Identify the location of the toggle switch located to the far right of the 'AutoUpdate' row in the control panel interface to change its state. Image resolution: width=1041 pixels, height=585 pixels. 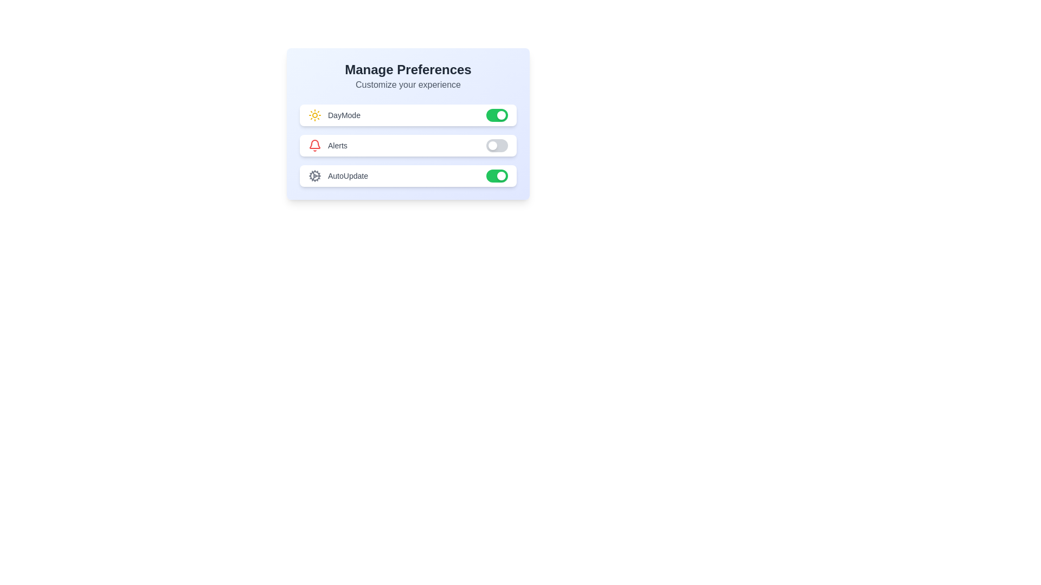
(496, 175).